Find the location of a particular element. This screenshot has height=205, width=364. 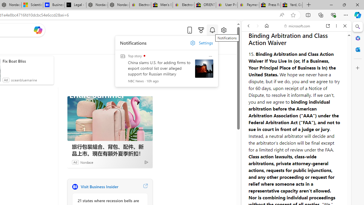

'Open Copilot' is located at coordinates (38, 30).